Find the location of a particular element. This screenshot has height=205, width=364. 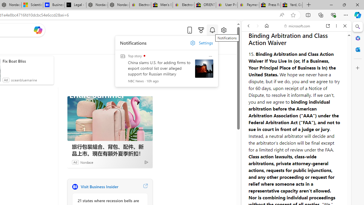

'Open Copilot' is located at coordinates (38, 30).